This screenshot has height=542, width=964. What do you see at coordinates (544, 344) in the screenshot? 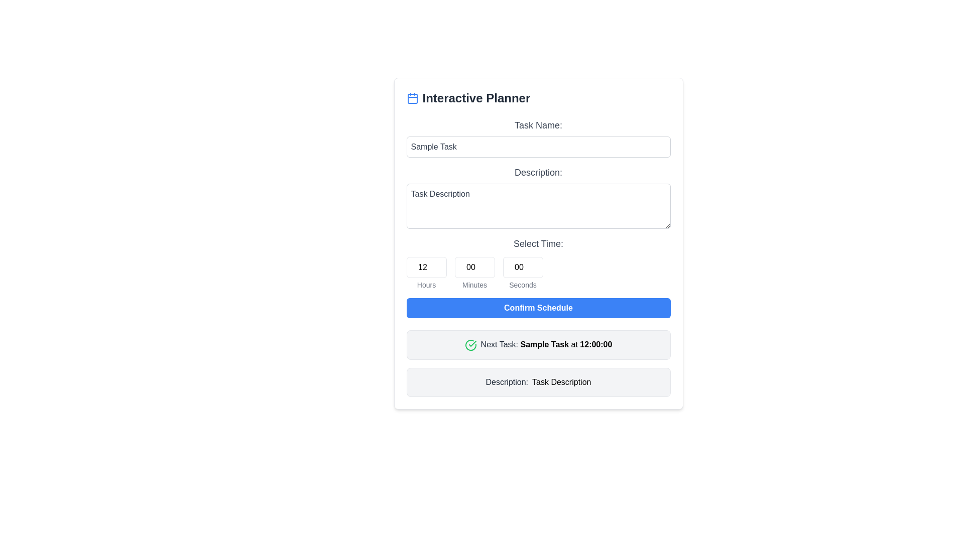
I see `the text label indicating the next task, which is located between 'Next Task:' and 'at 12:00:00'` at bounding box center [544, 344].